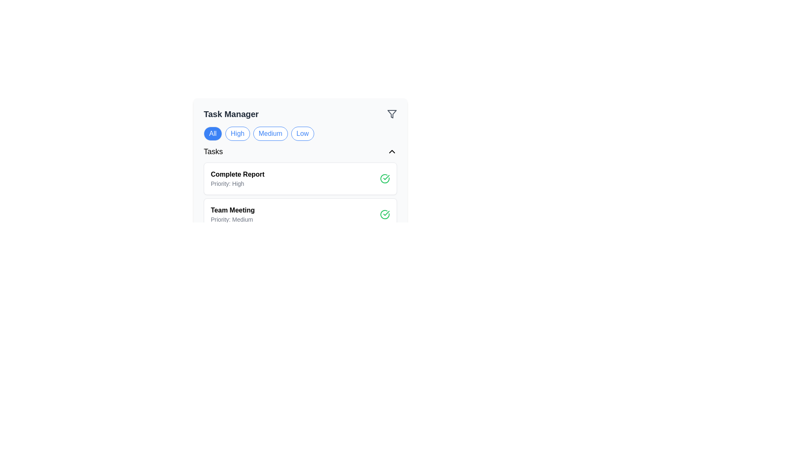  What do you see at coordinates (237, 174) in the screenshot?
I see `the 'Complete Report' text label, which is displayed in bold font within the task management interface under the 'Tasks' section` at bounding box center [237, 174].